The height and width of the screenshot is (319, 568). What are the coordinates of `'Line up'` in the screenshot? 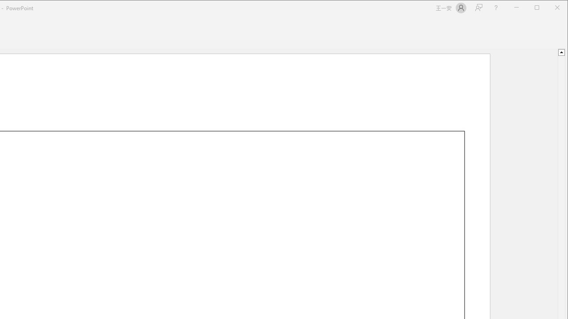 It's located at (561, 52).